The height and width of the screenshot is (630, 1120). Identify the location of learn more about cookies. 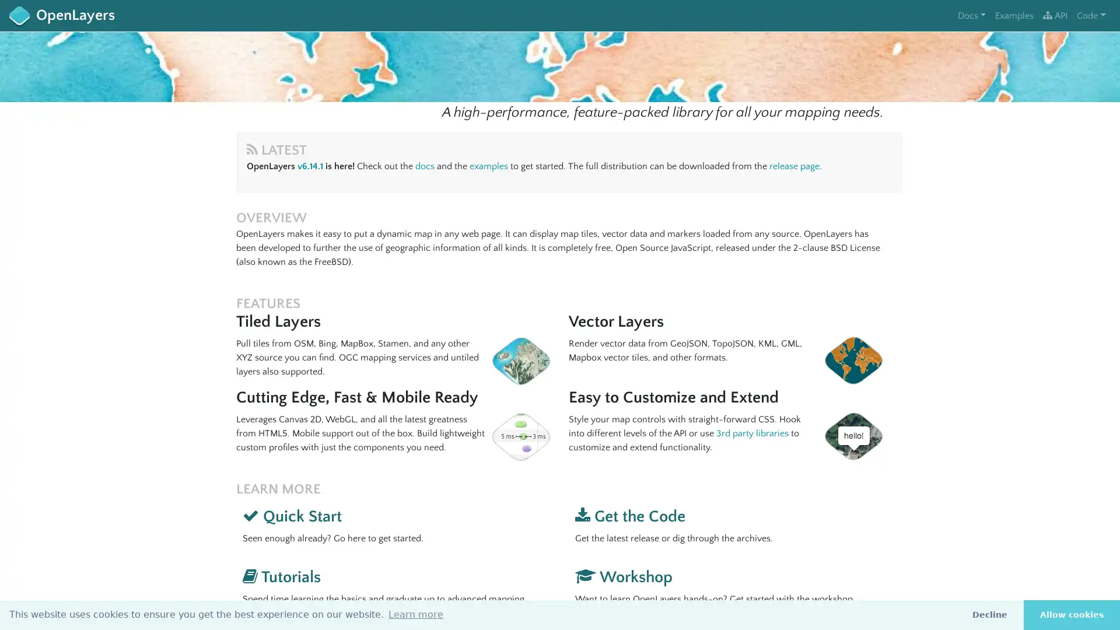
(416, 614).